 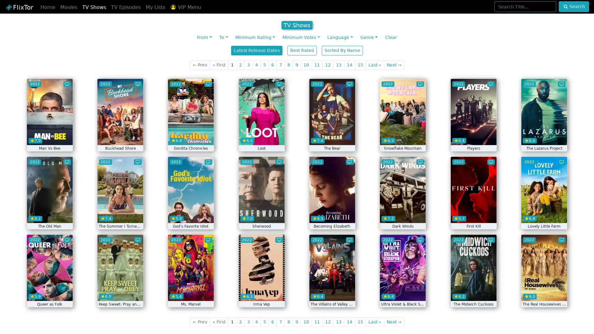 I want to click on Watch Now, so click(x=120, y=135).